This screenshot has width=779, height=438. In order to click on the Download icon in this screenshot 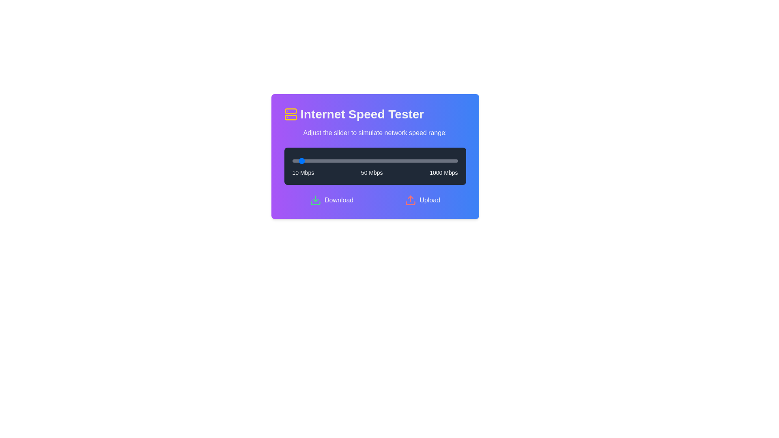, I will do `click(315, 200)`.